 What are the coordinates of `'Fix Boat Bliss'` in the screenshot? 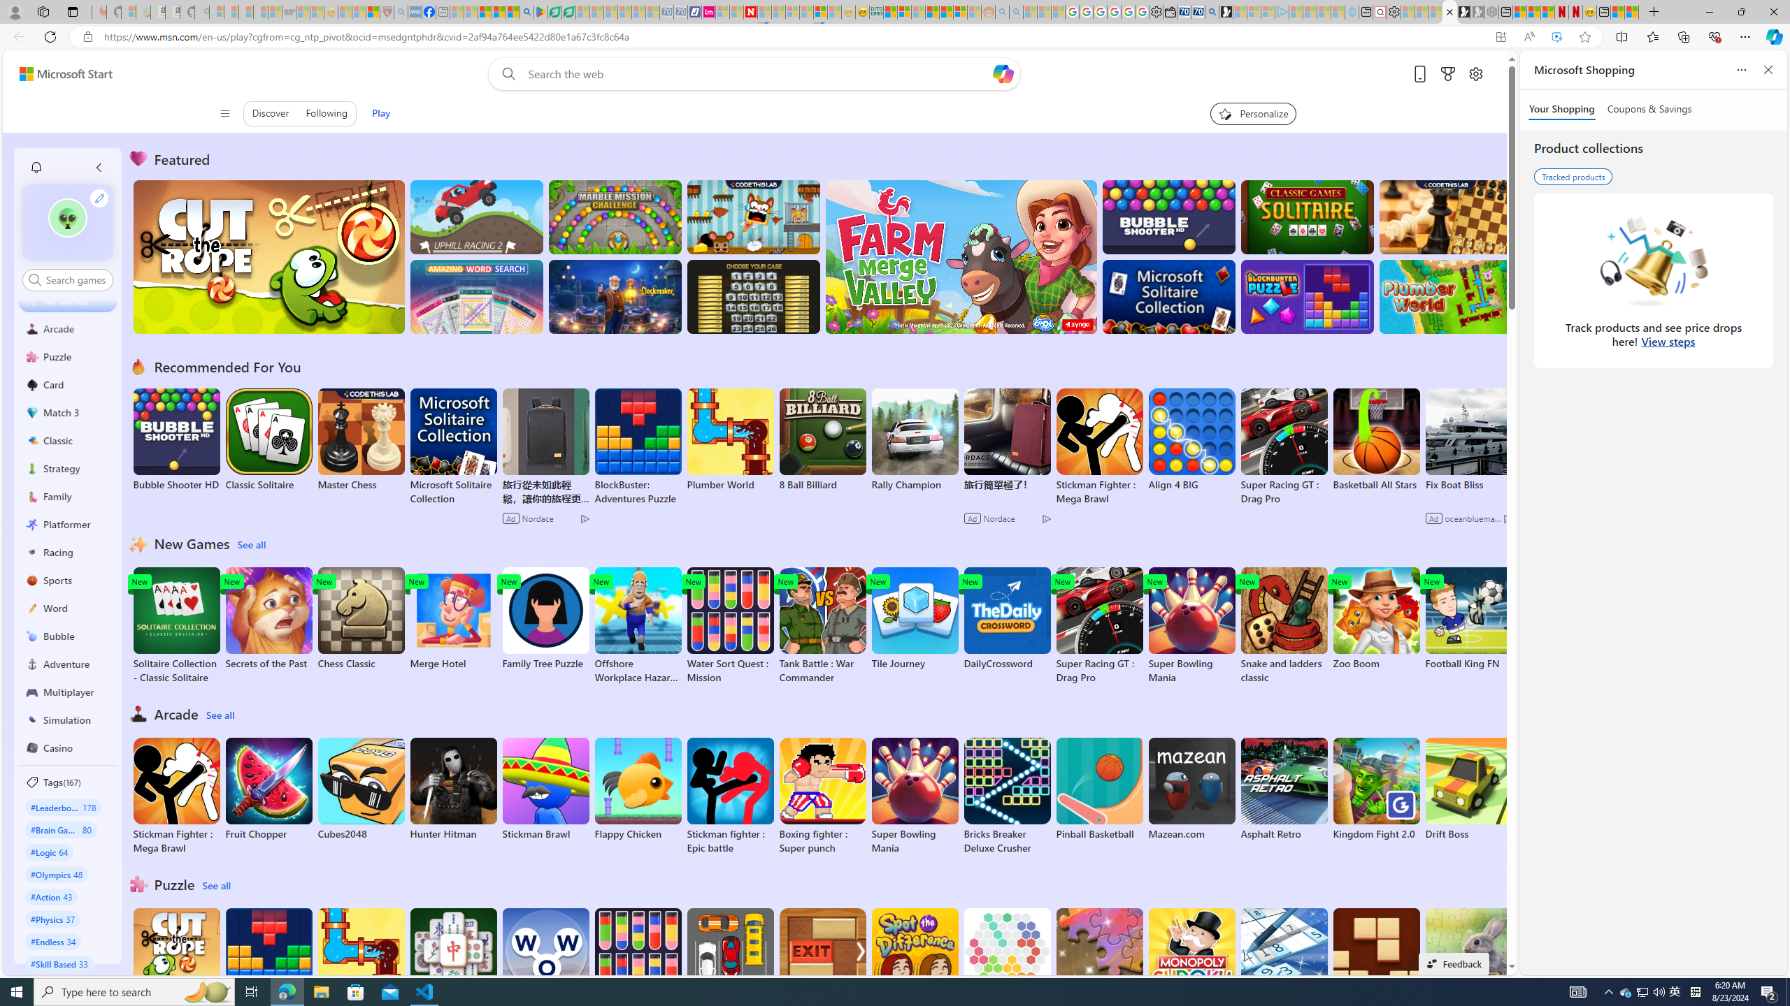 It's located at (1468, 484).